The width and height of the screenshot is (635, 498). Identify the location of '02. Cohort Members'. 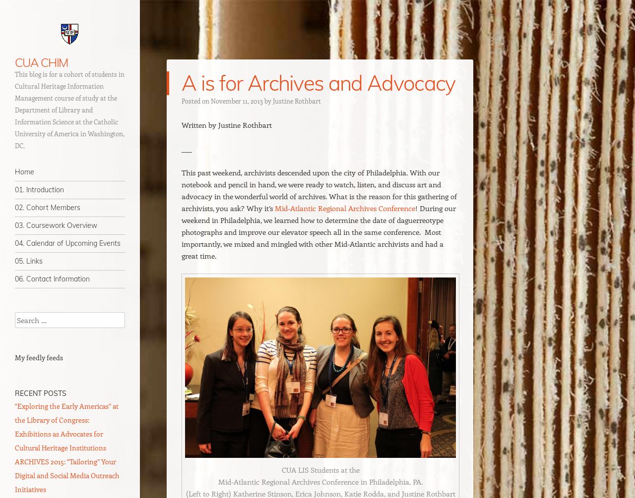
(47, 207).